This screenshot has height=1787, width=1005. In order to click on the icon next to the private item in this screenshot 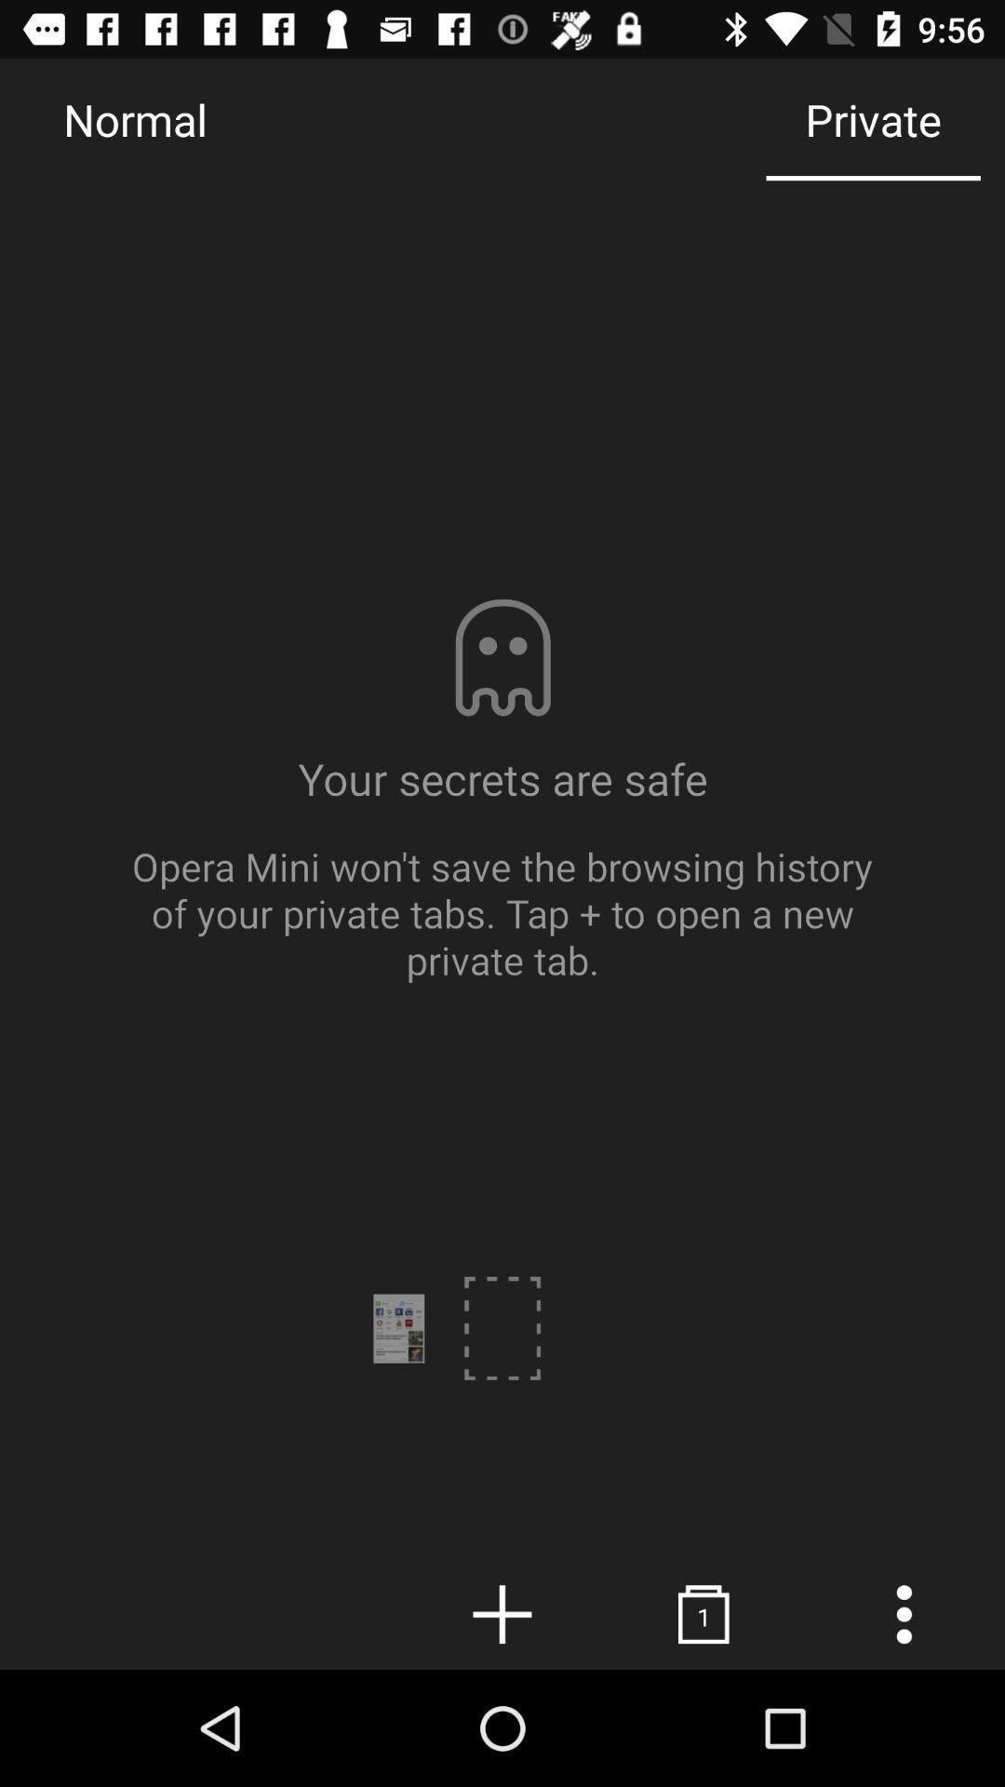, I will do `click(134, 118)`.